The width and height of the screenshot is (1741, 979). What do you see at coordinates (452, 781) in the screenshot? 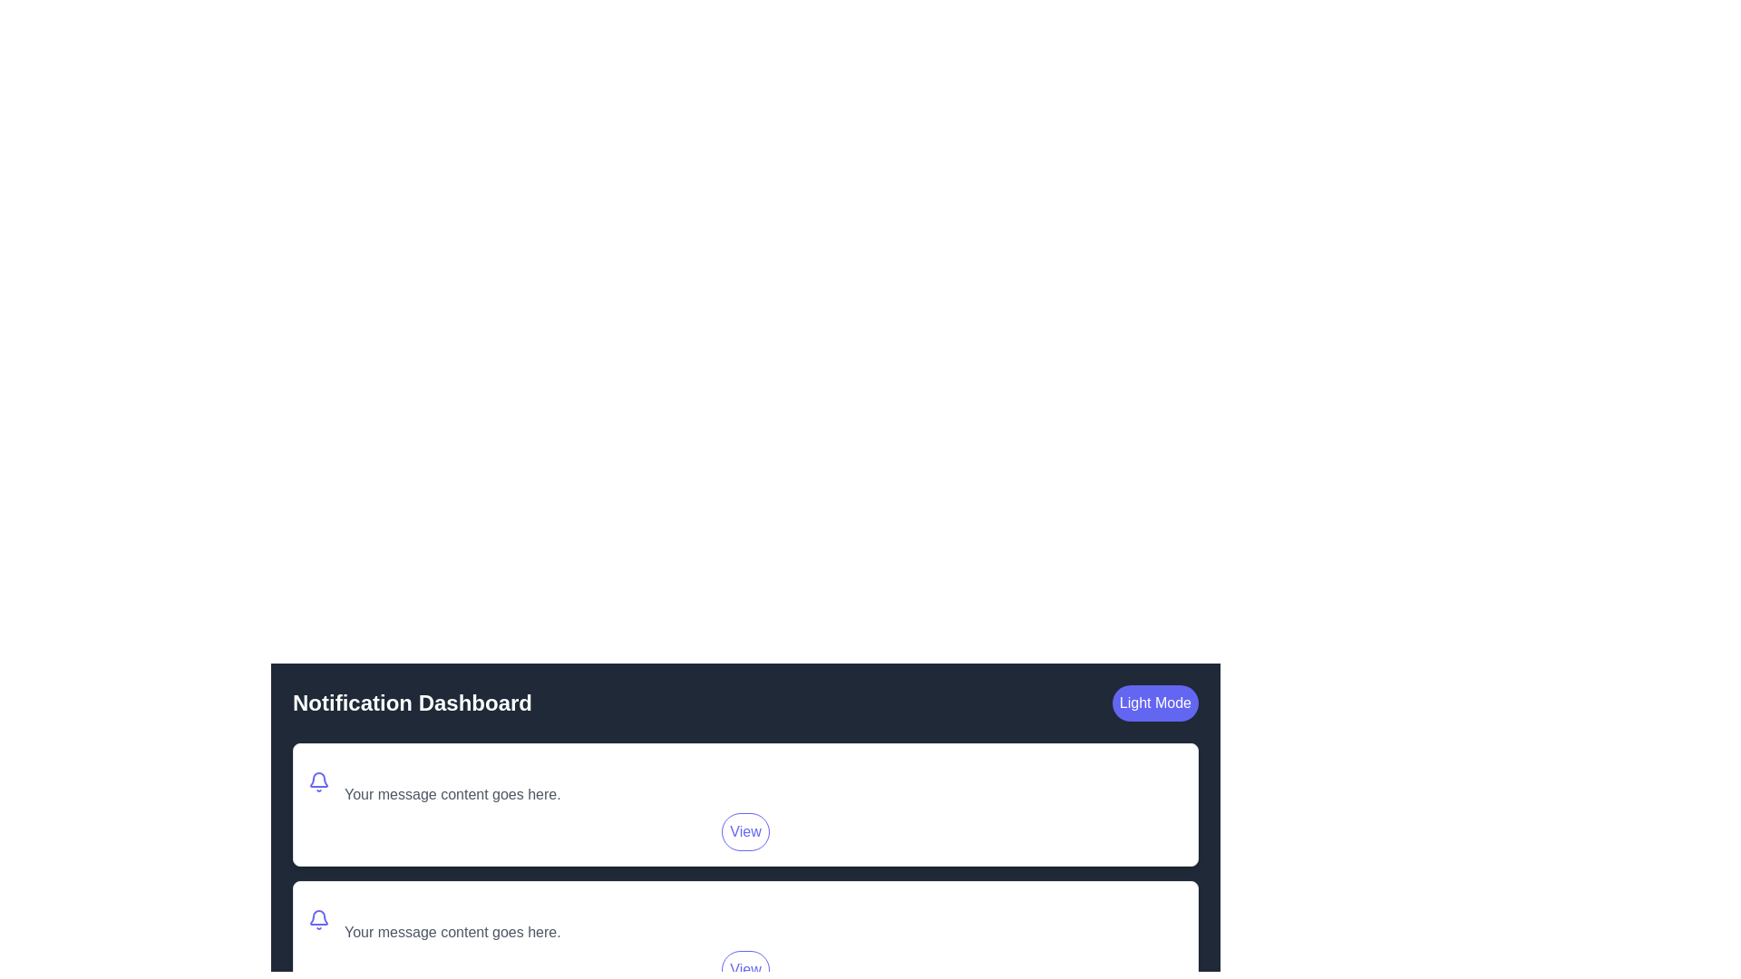
I see `the text element displaying 'Your message content goes here.' which is located under the bolded title 'Notification 1' in the first notification card` at bounding box center [452, 781].